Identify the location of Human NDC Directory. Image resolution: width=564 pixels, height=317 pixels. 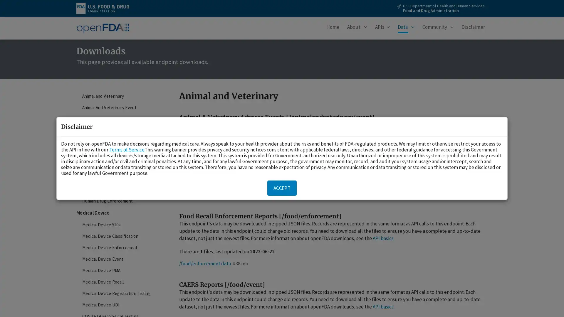
(120, 189).